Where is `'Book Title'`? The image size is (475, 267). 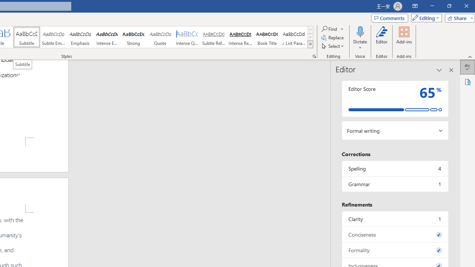 'Book Title' is located at coordinates (267, 37).